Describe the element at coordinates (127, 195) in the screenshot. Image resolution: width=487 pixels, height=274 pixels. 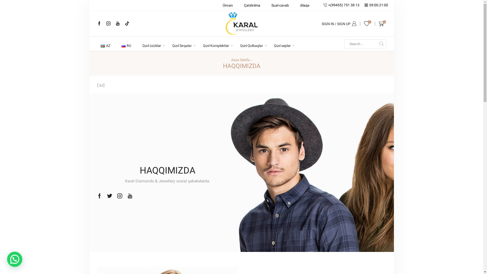
I see `'Youtube'` at that location.